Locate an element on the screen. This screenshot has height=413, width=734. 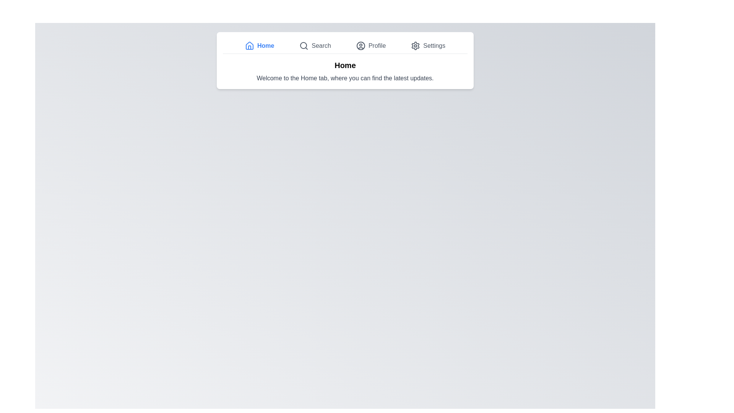
the gear-shaped 'Settings' icon button located in the top navigation bar is located at coordinates (415, 46).